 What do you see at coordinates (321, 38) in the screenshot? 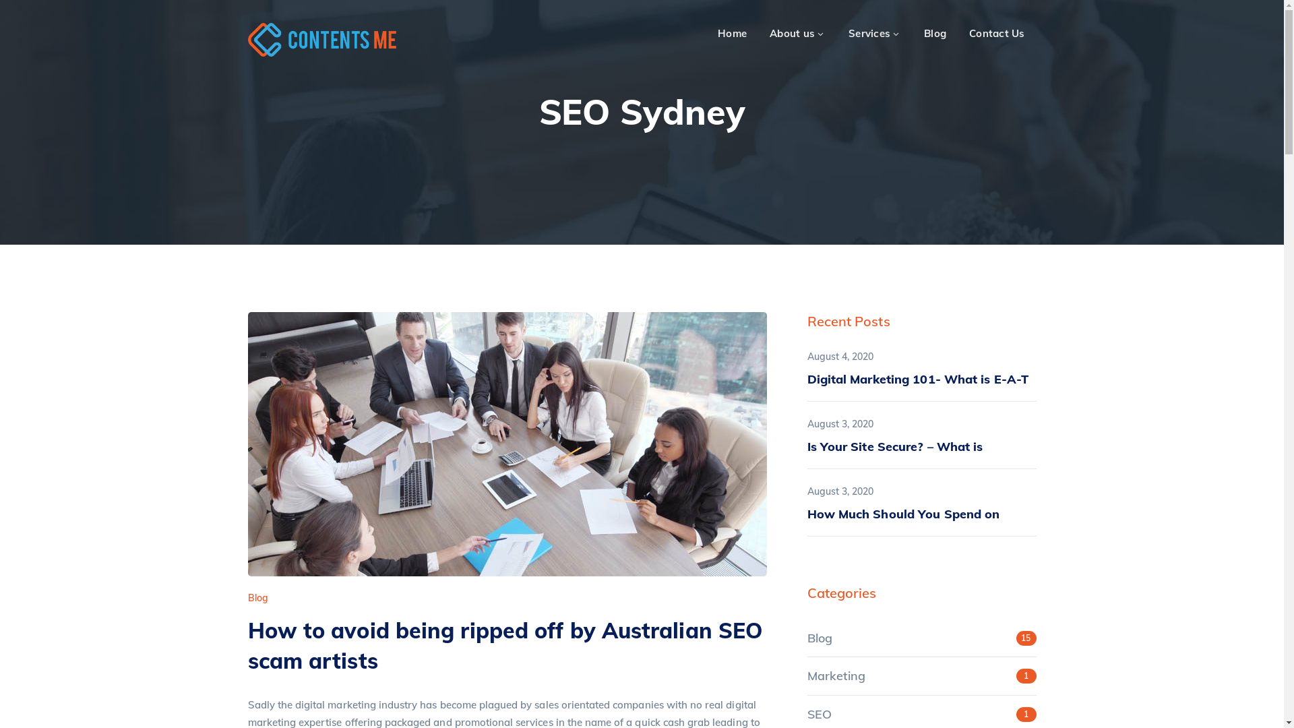
I see `'Content's Me'` at bounding box center [321, 38].